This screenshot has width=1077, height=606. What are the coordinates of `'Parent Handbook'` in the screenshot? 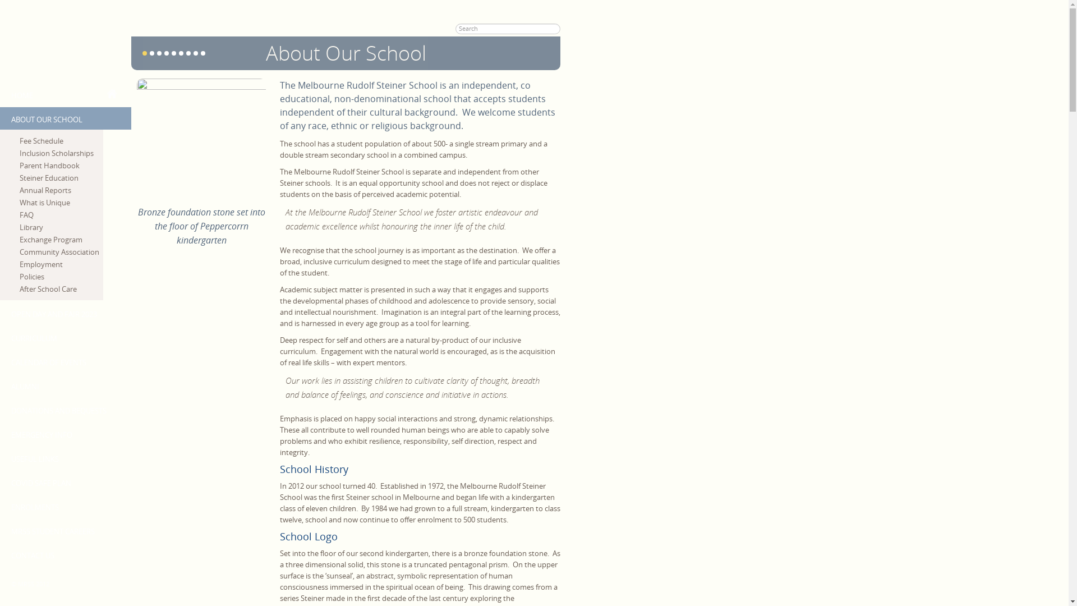 It's located at (61, 165).